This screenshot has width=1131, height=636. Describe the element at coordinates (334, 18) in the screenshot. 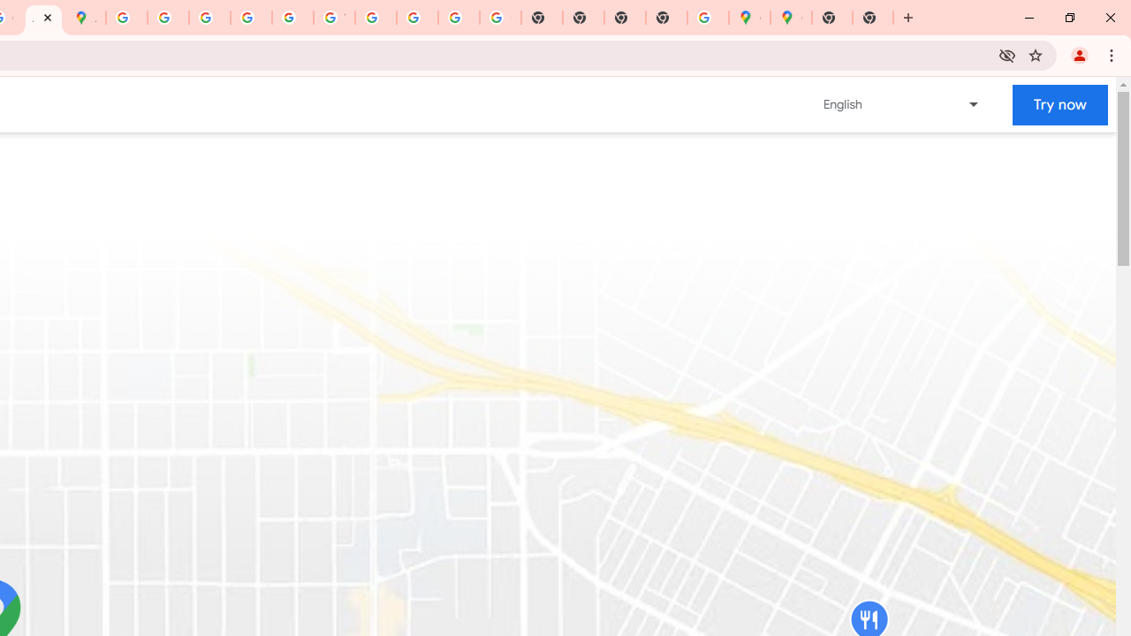

I see `'YouTube'` at that location.